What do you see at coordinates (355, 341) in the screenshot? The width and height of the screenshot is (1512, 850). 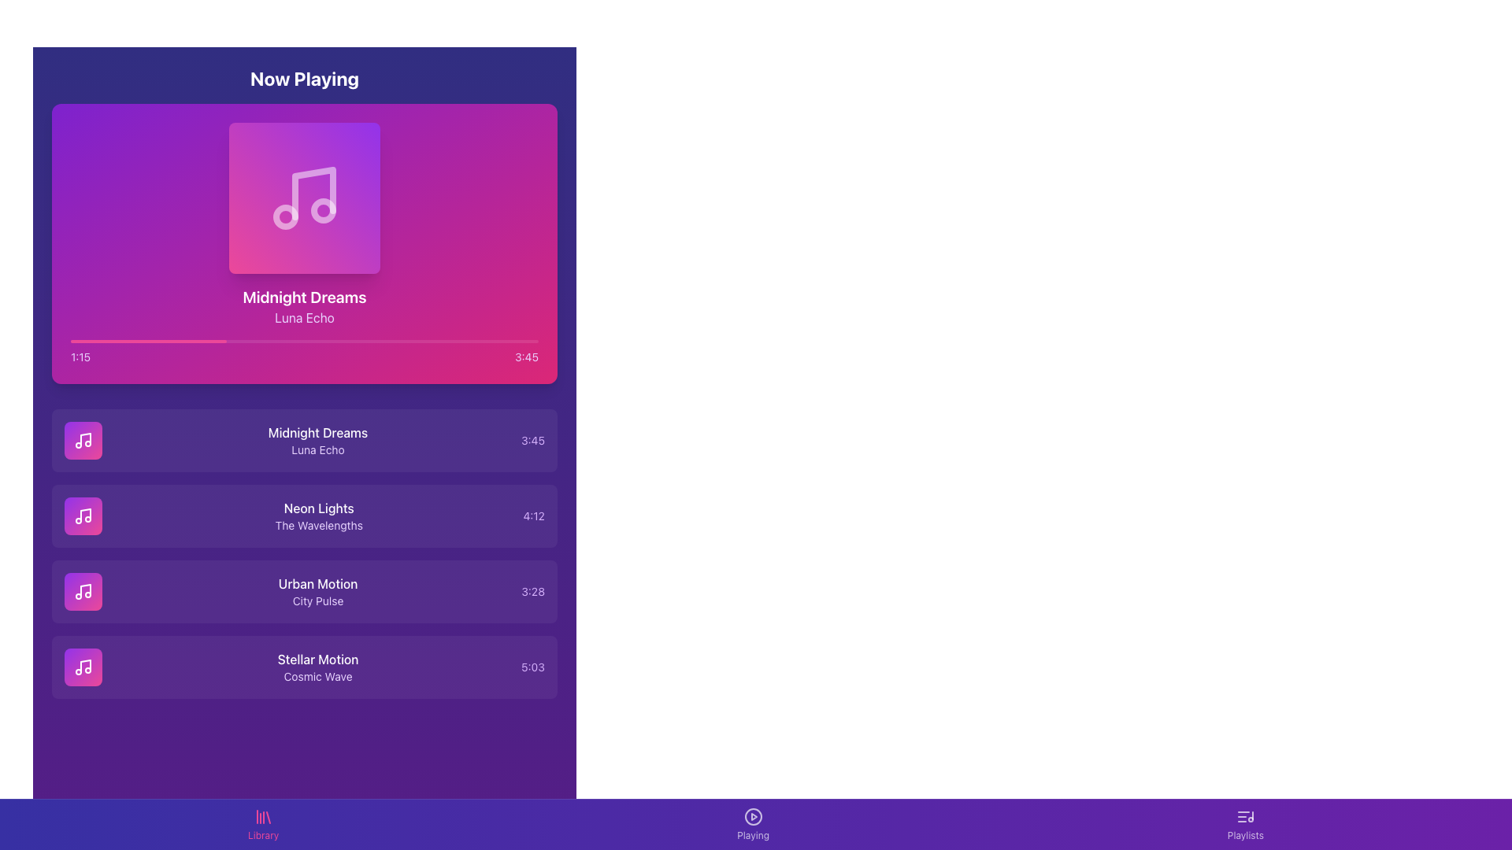 I see `the slider` at bounding box center [355, 341].